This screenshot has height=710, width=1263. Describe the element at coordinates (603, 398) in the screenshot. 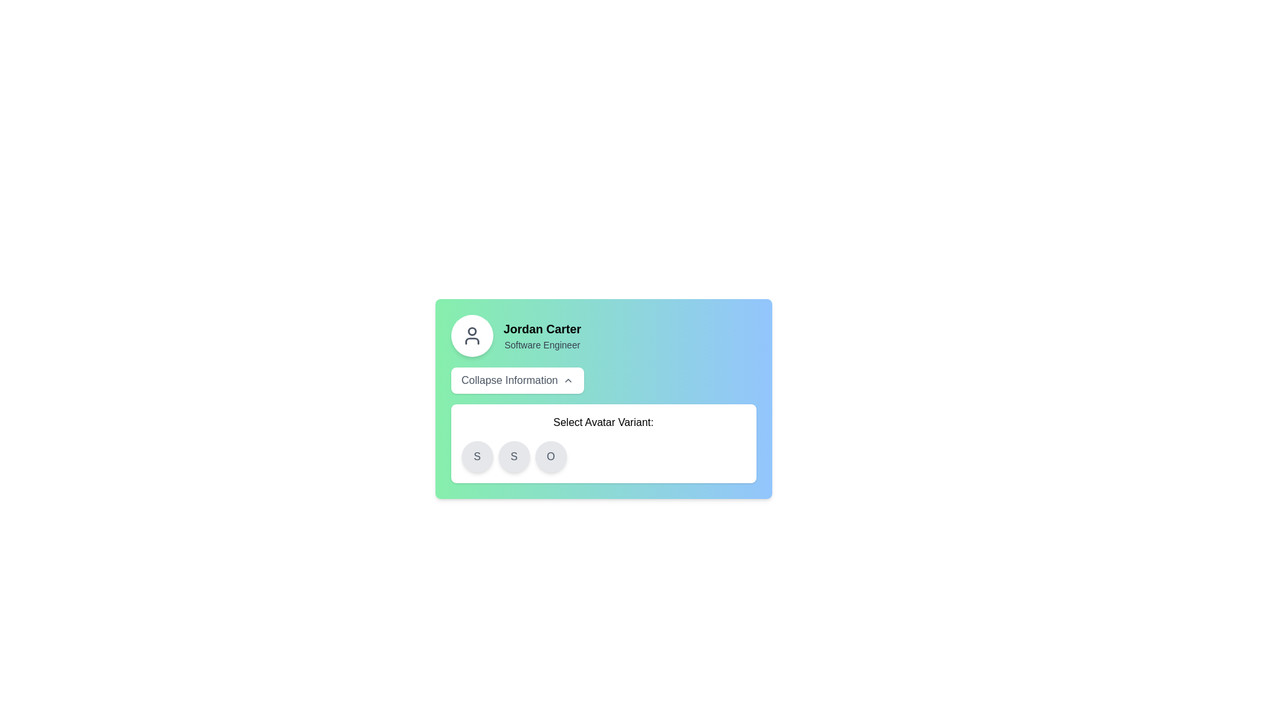

I see `the Information panel displaying user information and avatar selection options` at that location.